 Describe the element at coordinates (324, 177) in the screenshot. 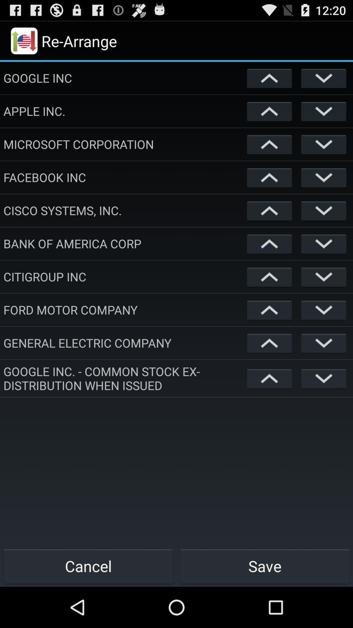

I see `check option` at that location.